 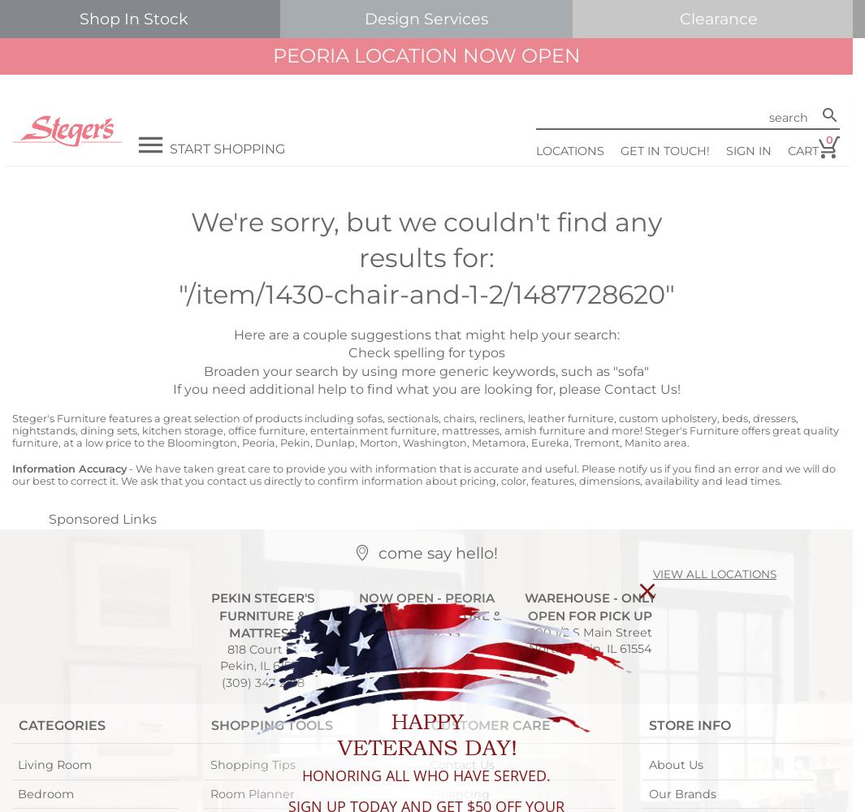 I want to click on 'sofas', so click(x=368, y=417).